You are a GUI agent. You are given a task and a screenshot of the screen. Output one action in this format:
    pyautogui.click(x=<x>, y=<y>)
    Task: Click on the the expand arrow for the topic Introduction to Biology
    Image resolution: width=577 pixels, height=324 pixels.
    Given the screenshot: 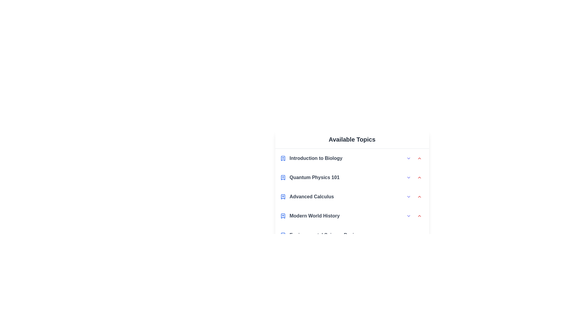 What is the action you would take?
    pyautogui.click(x=408, y=158)
    